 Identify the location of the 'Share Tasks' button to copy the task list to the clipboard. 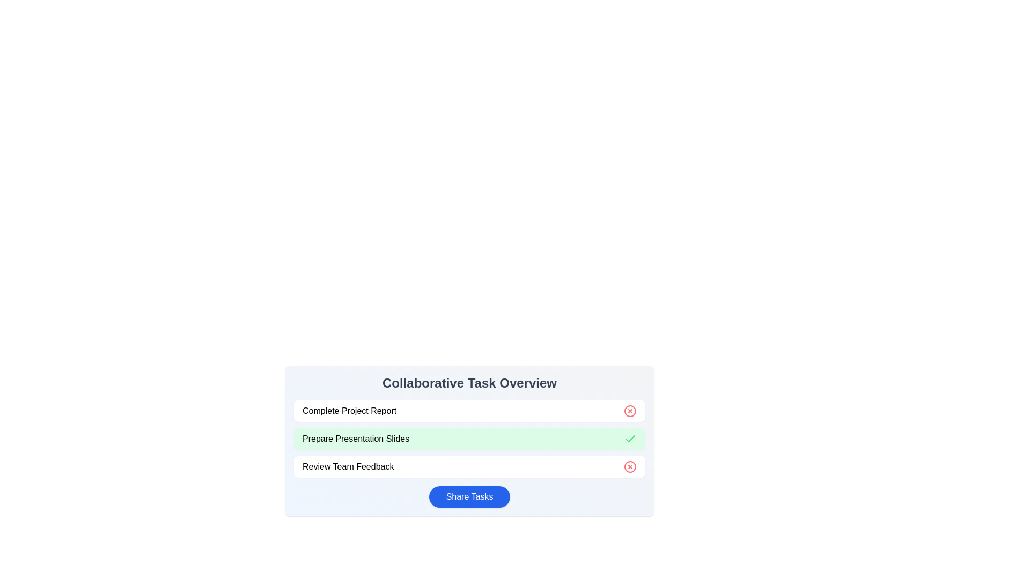
(469, 496).